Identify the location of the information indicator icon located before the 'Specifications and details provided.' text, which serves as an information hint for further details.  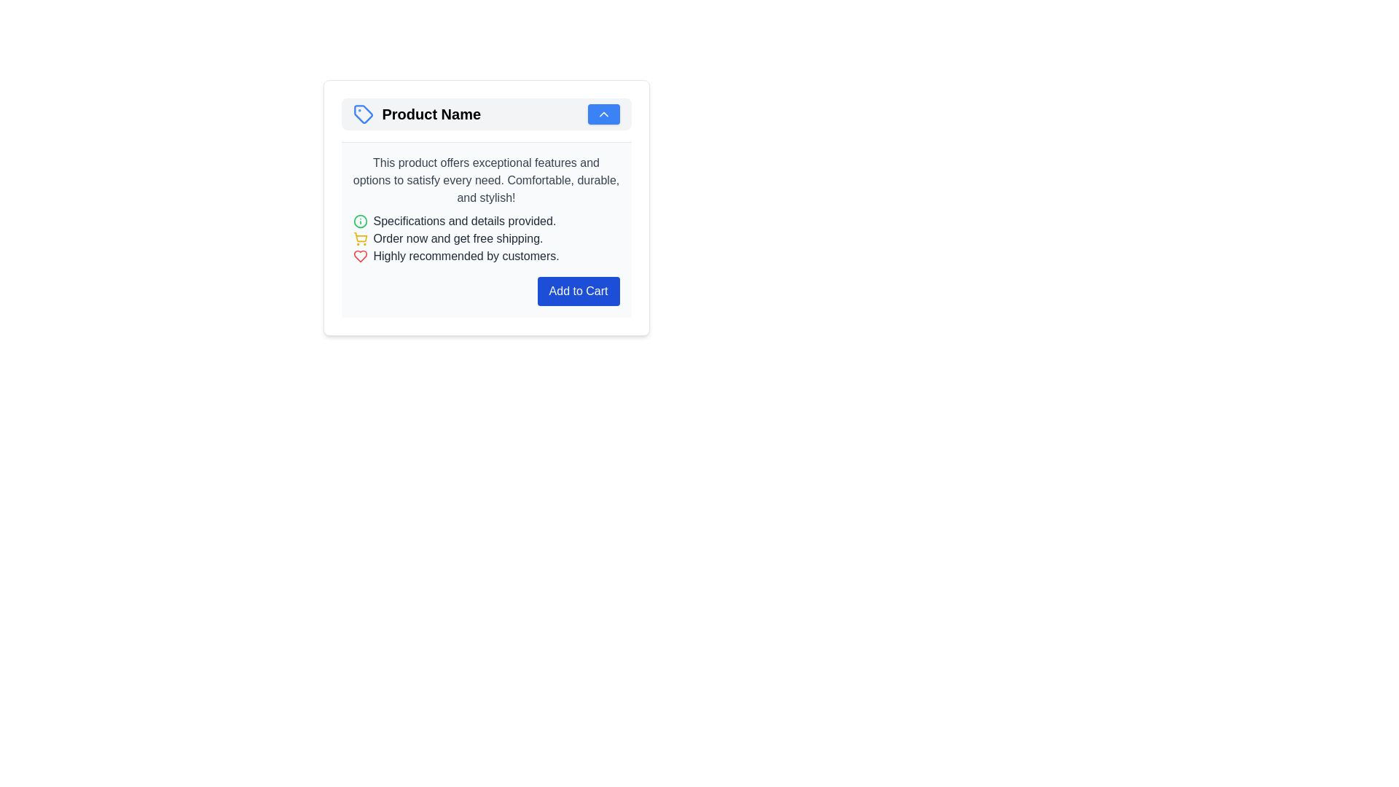
(360, 222).